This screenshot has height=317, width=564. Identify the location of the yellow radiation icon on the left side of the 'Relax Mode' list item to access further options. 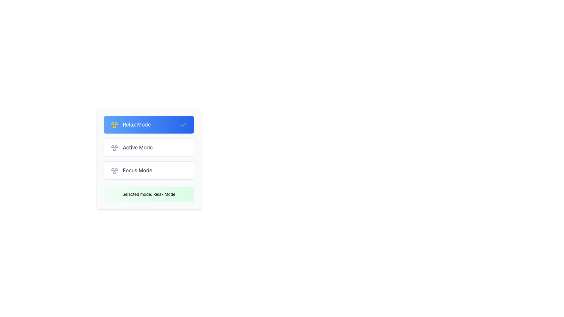
(130, 124).